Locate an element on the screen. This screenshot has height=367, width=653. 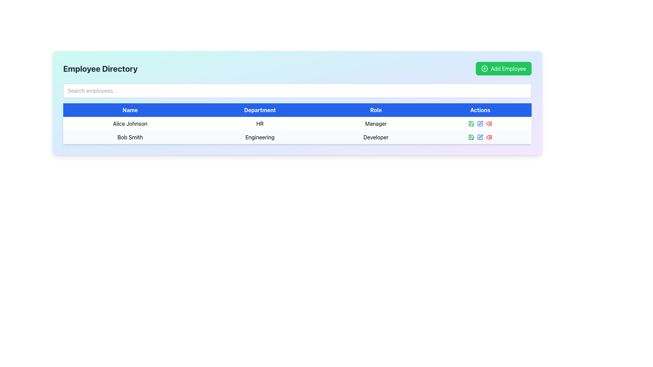
text displayed in the Text Label that shows the department name associated with user 'Bob Smith', located in the second column of the second row of the table is located at coordinates (259, 137).